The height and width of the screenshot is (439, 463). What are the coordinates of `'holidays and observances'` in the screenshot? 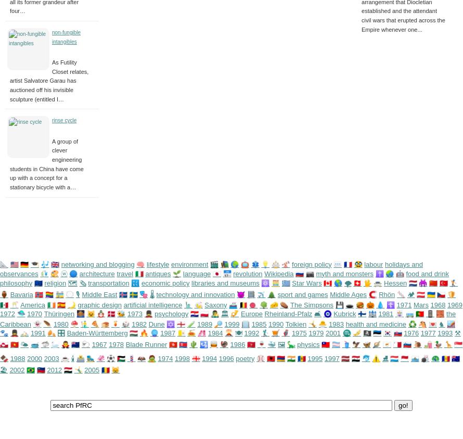 It's located at (211, 268).